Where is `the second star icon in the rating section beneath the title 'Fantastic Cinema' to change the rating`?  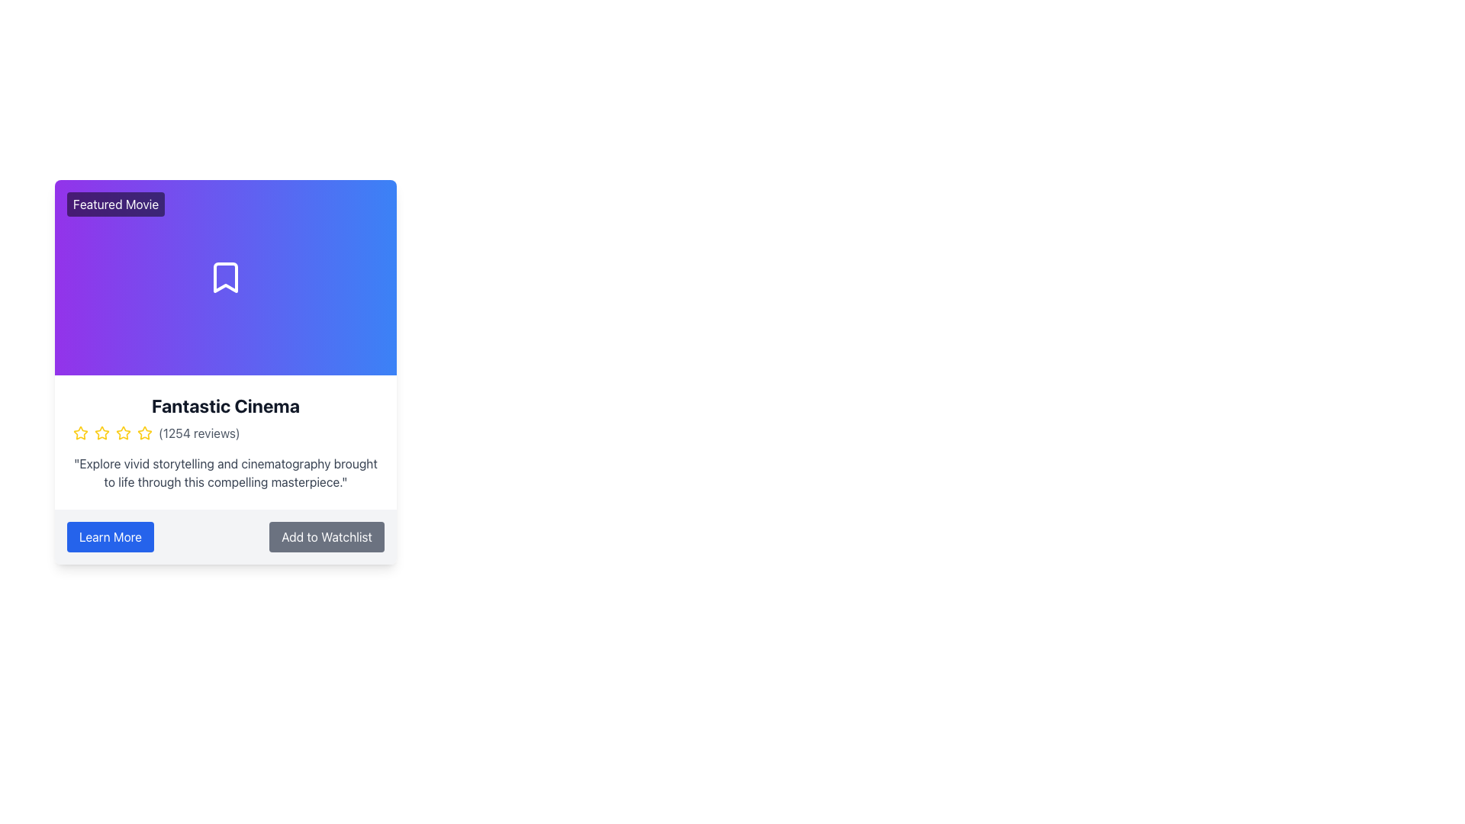
the second star icon in the rating section beneath the title 'Fantastic Cinema' to change the rating is located at coordinates (79, 433).